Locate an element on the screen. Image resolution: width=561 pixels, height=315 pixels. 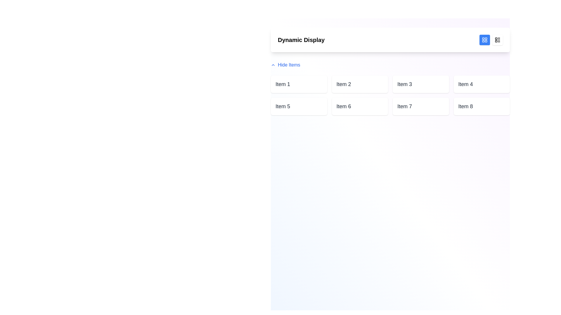
the Card or Button representing 'Item 6', located in the second row, second column of the grid layout, positioned between 'Item 5' and 'Item 7' is located at coordinates (359, 106).